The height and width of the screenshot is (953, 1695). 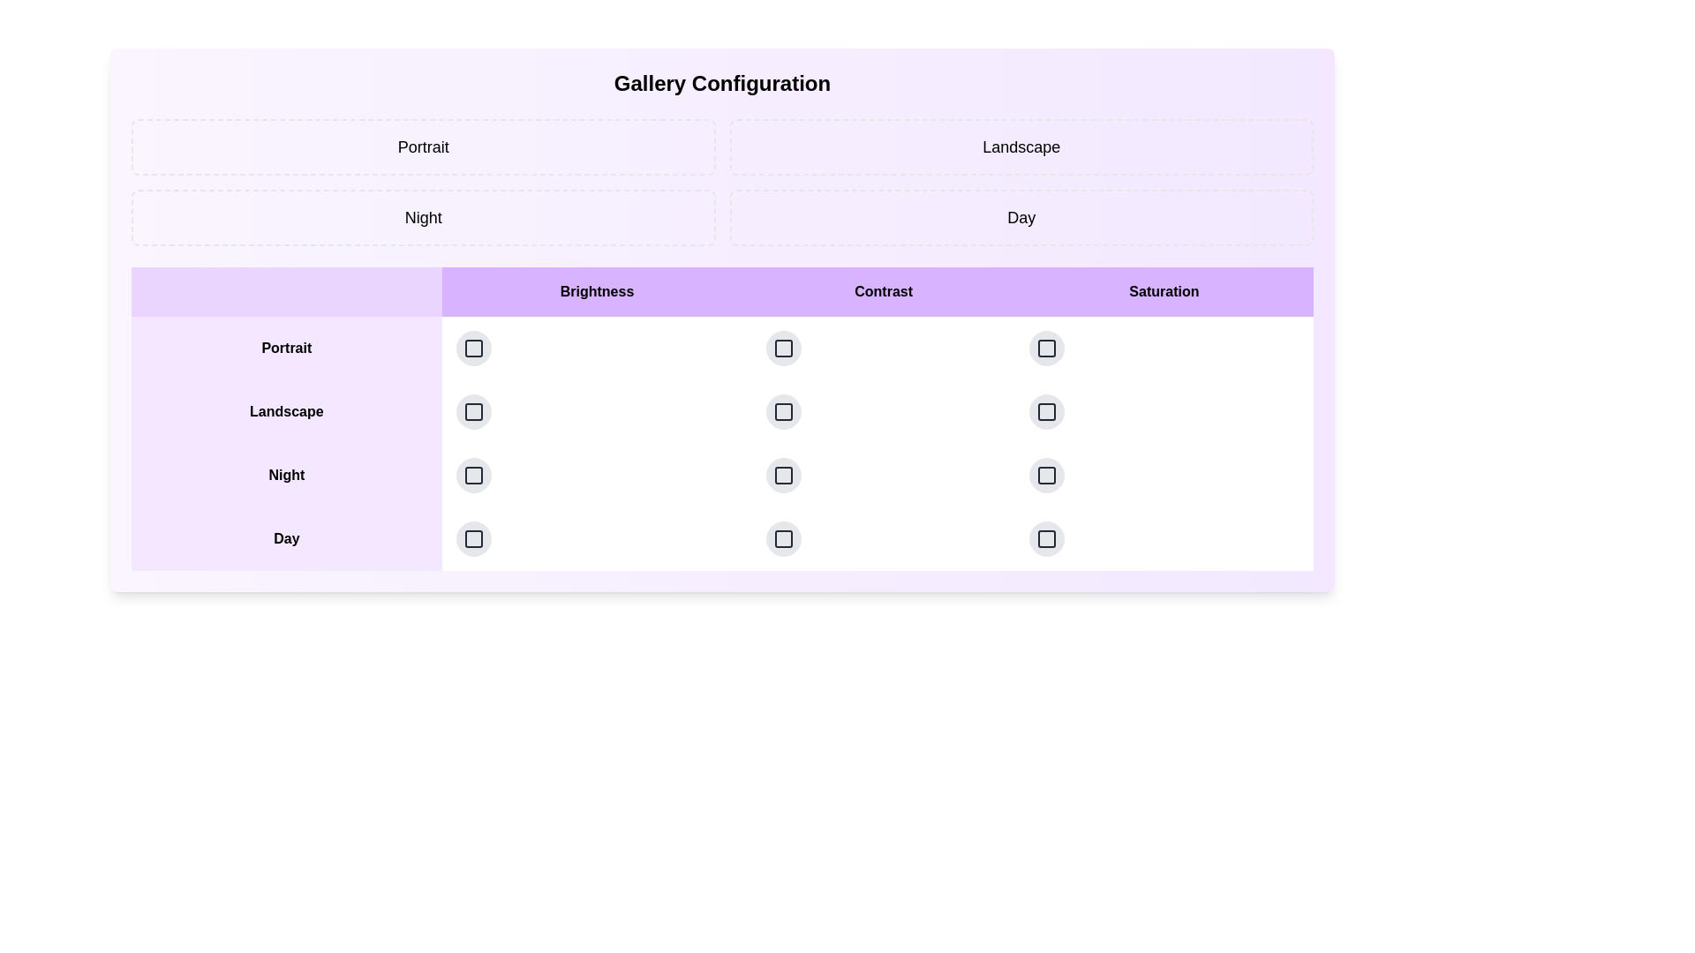 What do you see at coordinates (286, 411) in the screenshot?
I see `text content of the 'Landscape' settings label, which is the second item in a vertical list of labels under 'Brightness'` at bounding box center [286, 411].